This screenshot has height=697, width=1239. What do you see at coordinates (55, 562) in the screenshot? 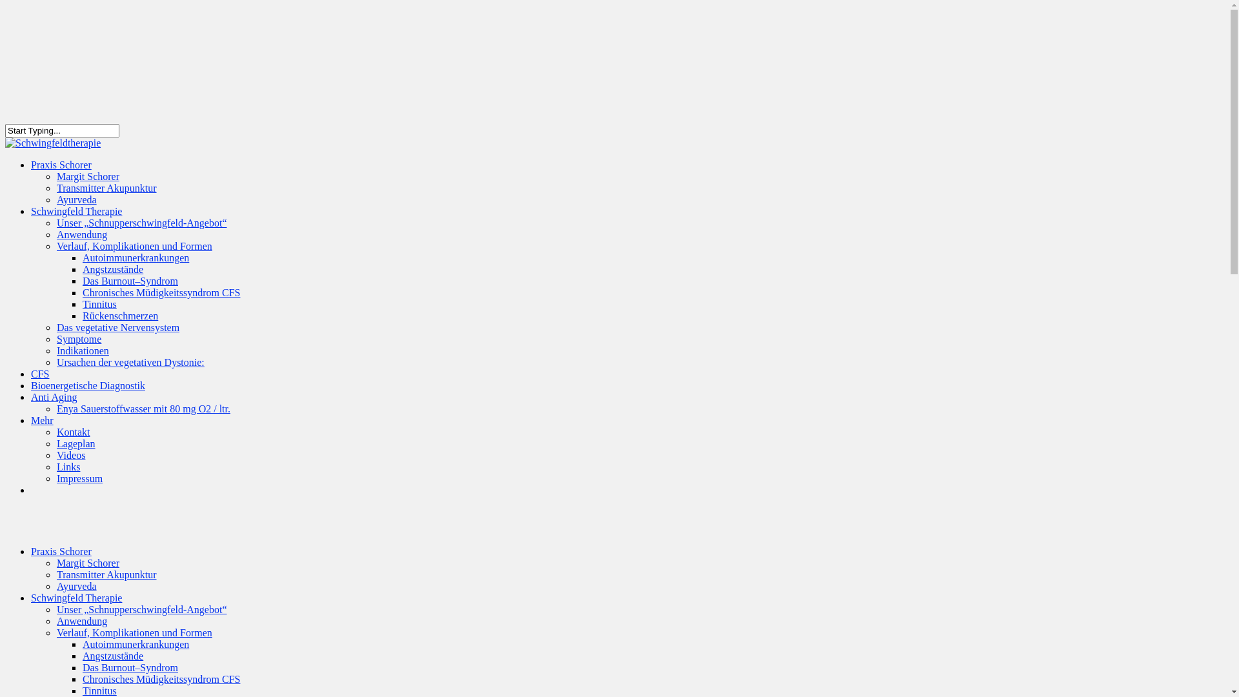
I see `'Margit Schorer'` at bounding box center [55, 562].